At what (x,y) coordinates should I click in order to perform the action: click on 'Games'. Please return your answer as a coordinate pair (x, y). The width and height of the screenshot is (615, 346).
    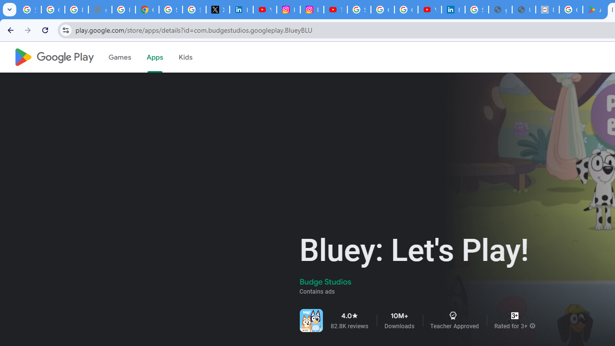
    Looking at the image, I should click on (119, 57).